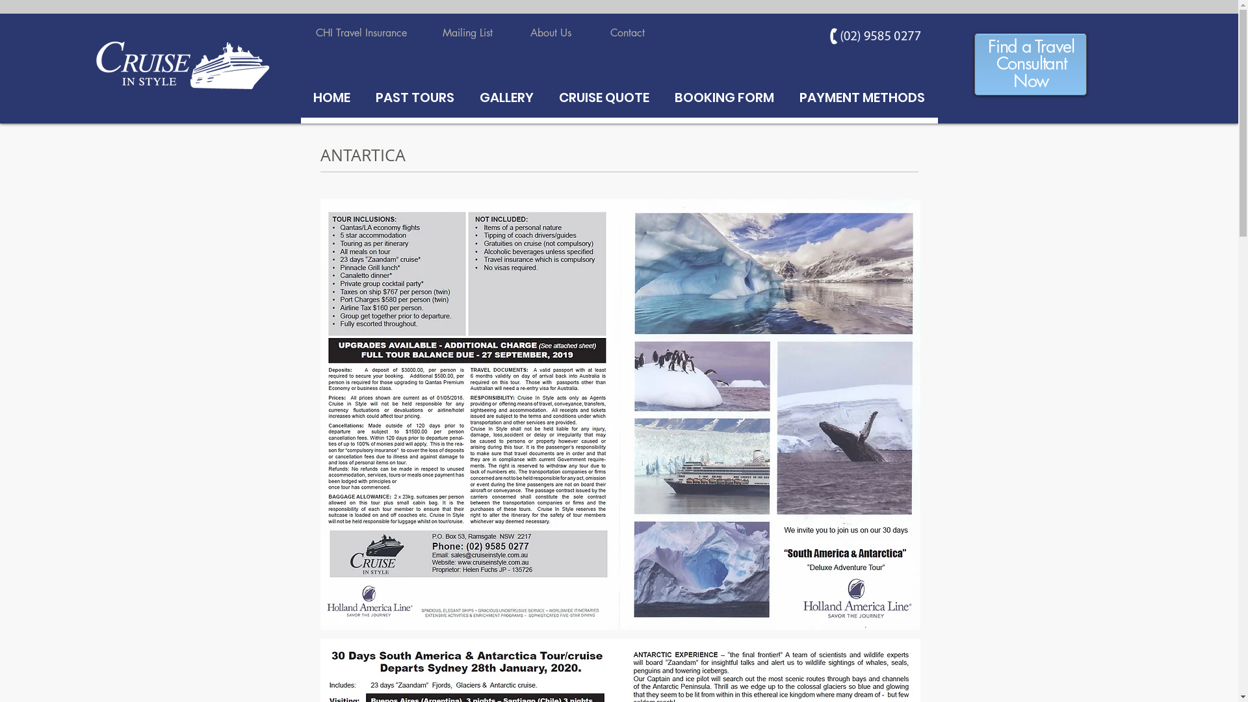 This screenshot has width=1248, height=702. What do you see at coordinates (1030, 56) in the screenshot?
I see `'Find a Travel Consultant'` at bounding box center [1030, 56].